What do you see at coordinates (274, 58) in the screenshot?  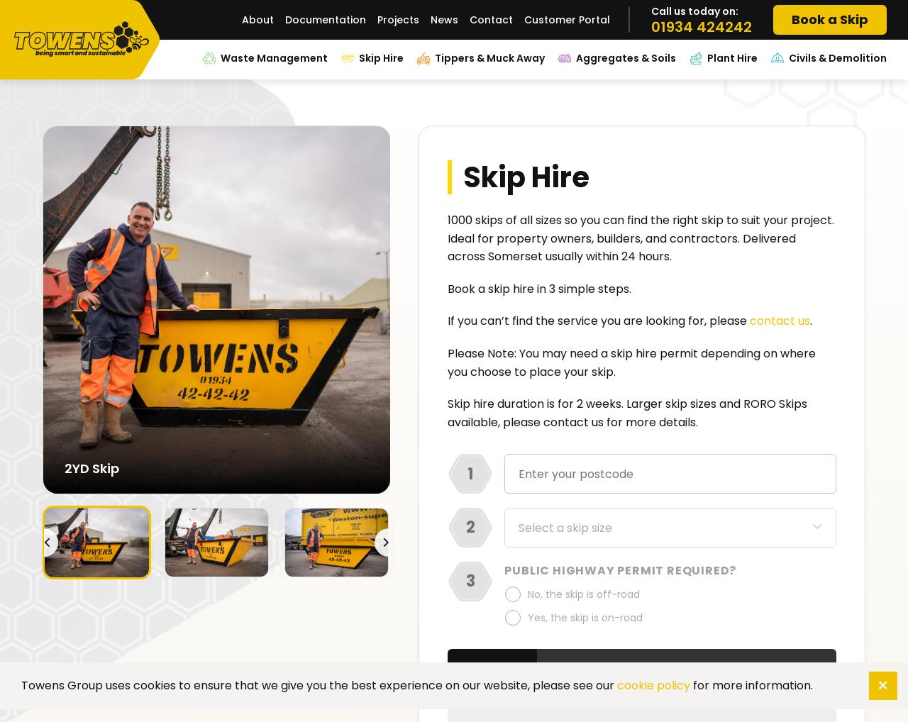 I see `'Waste Management'` at bounding box center [274, 58].